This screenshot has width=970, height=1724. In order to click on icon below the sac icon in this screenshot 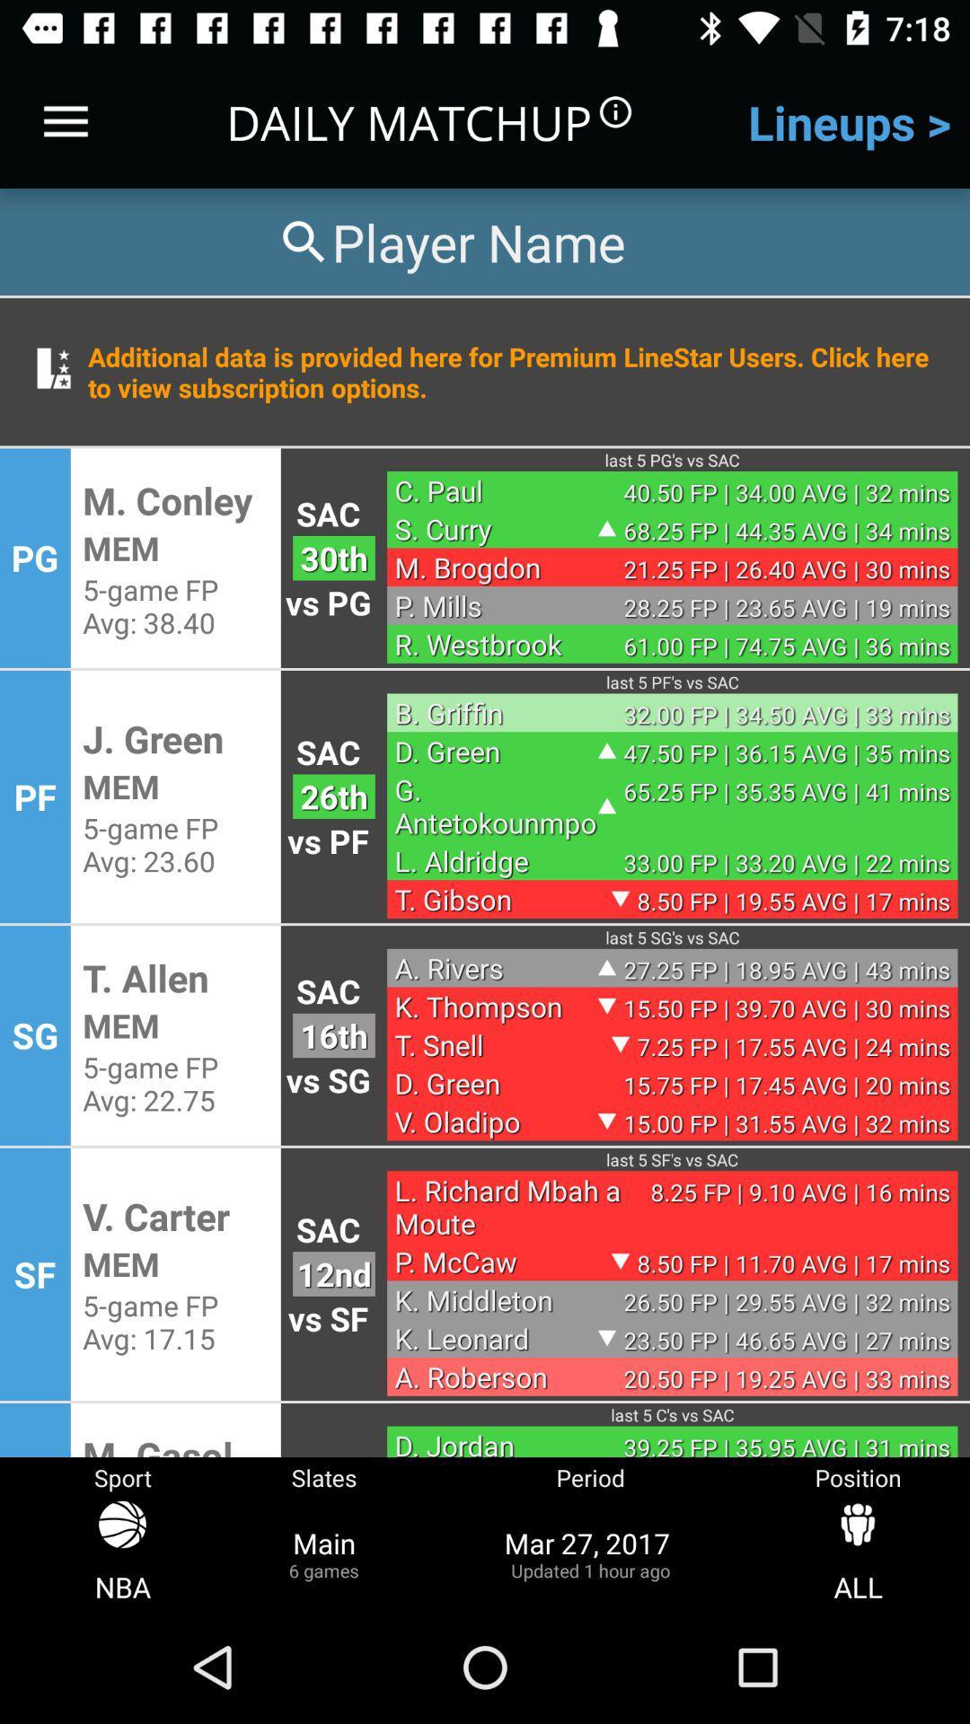, I will do `click(333, 796)`.